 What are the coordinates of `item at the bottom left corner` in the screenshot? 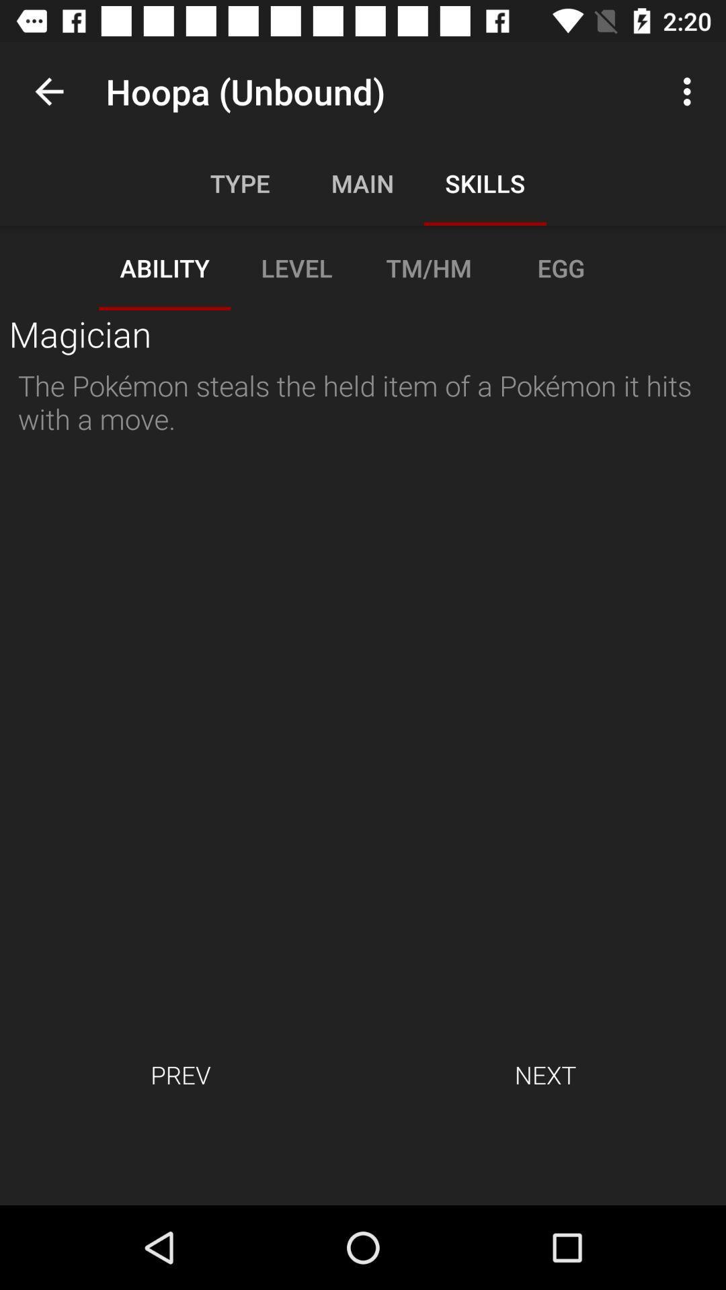 It's located at (179, 1074).